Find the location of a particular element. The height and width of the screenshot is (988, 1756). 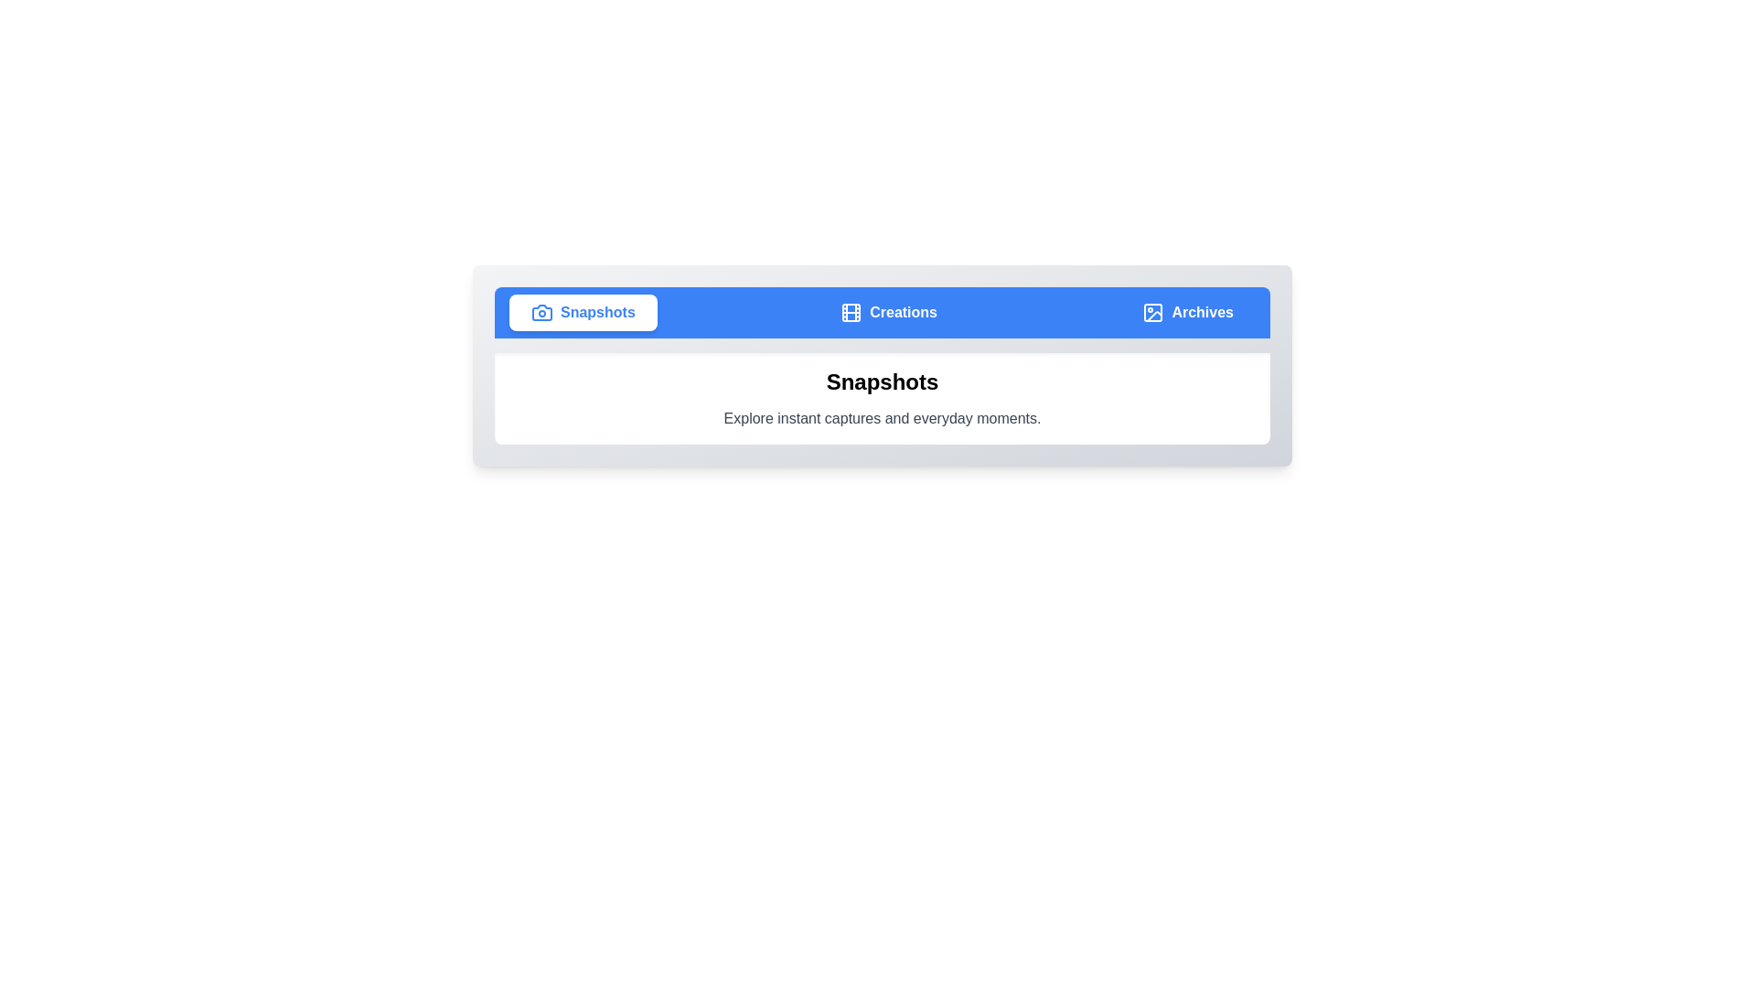

the tab with the label Creations is located at coordinates (889, 312).